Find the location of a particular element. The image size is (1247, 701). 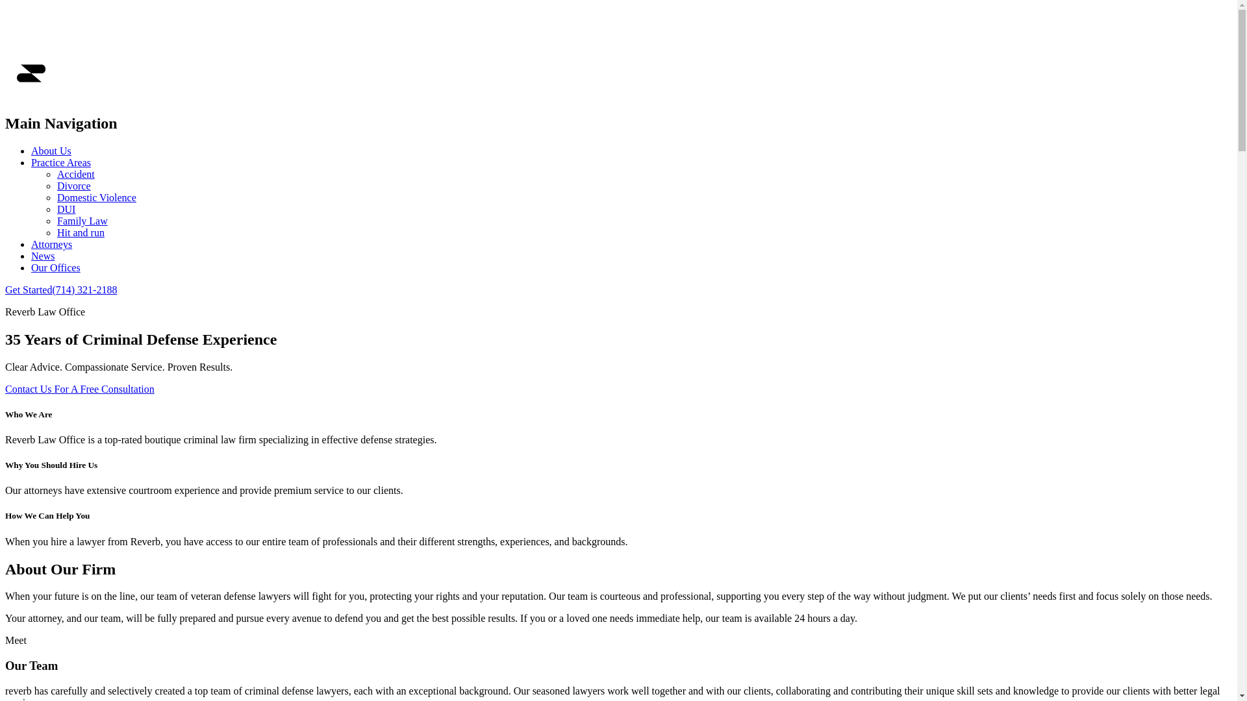

'Divorce' is located at coordinates (73, 186).